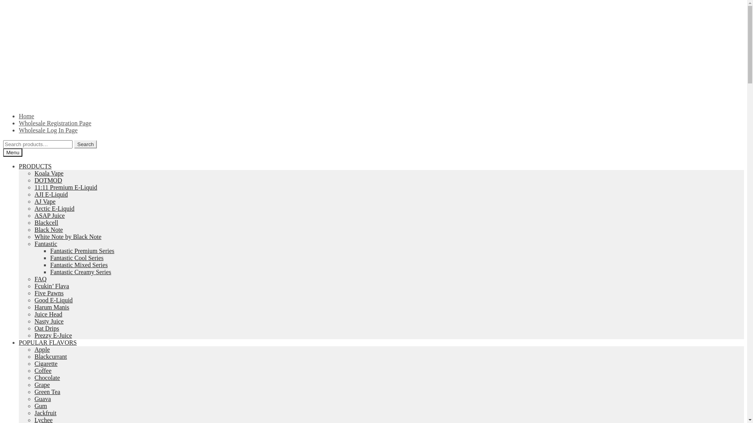 The width and height of the screenshot is (753, 423). Describe the element at coordinates (51, 194) in the screenshot. I see `'AJI E-Liquid'` at that location.